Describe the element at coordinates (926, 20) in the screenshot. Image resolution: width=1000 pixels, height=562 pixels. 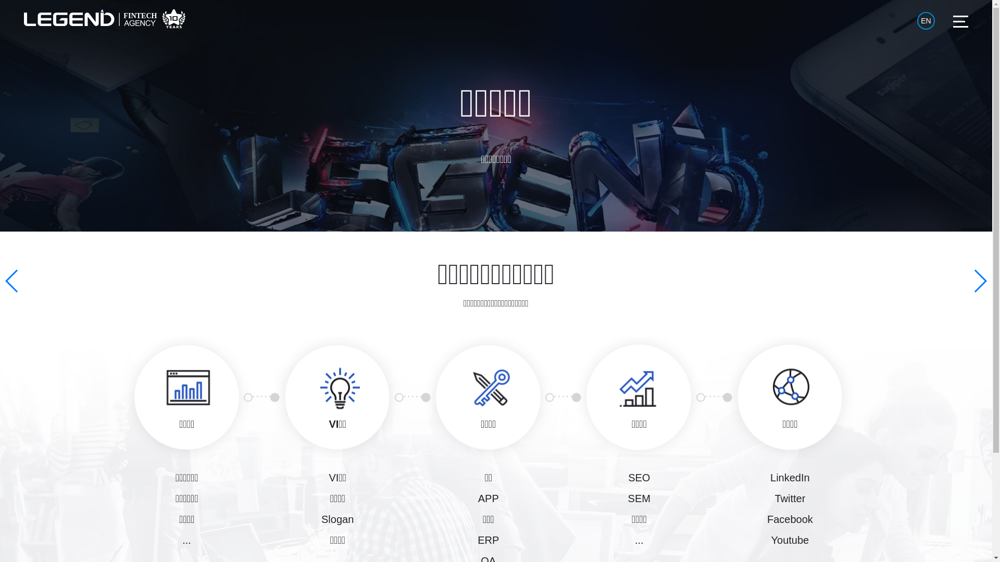
I see `'EN'` at that location.